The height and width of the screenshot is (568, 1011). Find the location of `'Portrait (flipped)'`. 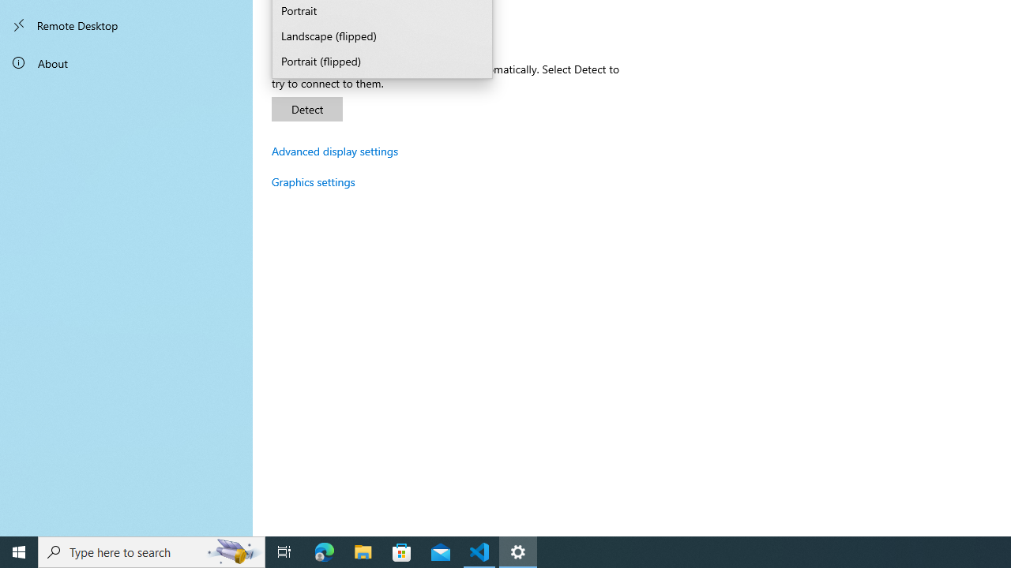

'Portrait (flipped)' is located at coordinates (382, 62).